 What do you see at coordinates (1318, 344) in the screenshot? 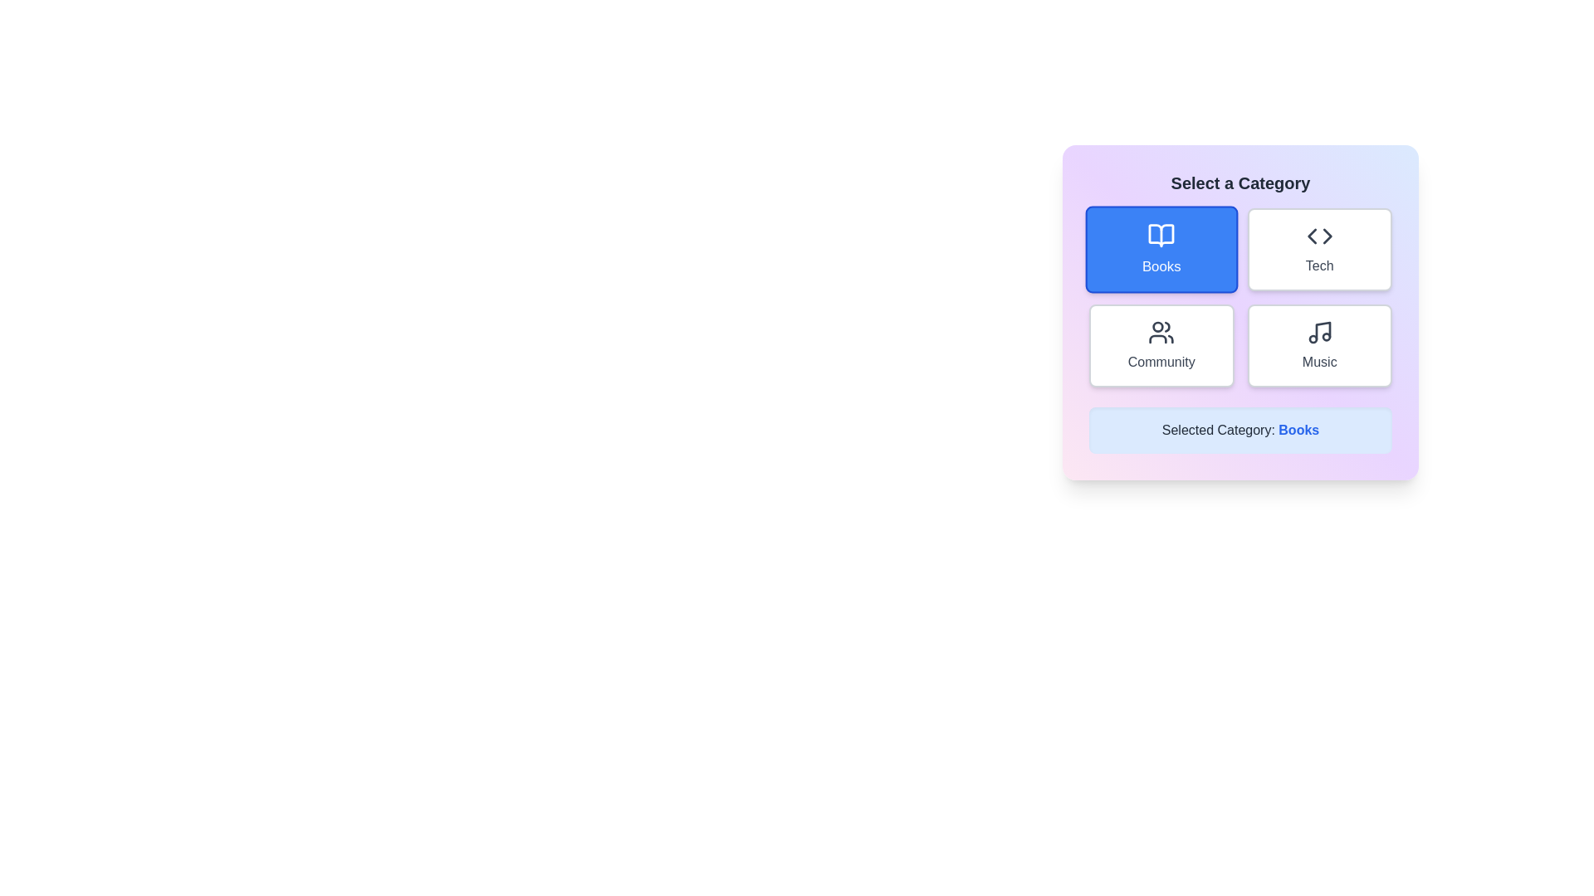
I see `the category button for Music` at bounding box center [1318, 344].